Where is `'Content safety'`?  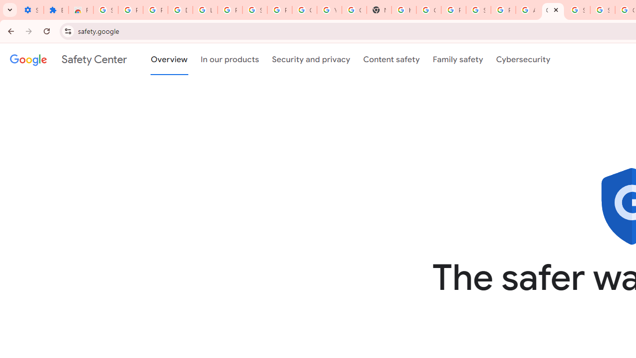 'Content safety' is located at coordinates (391, 59).